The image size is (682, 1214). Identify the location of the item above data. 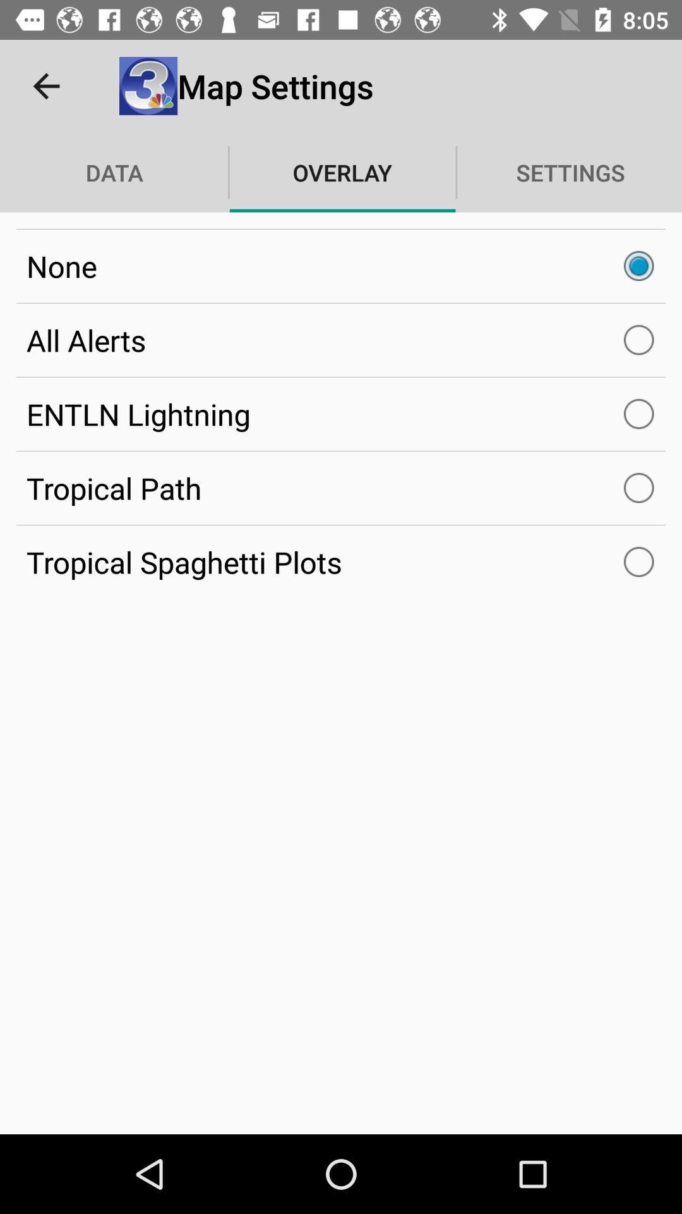
(45, 85).